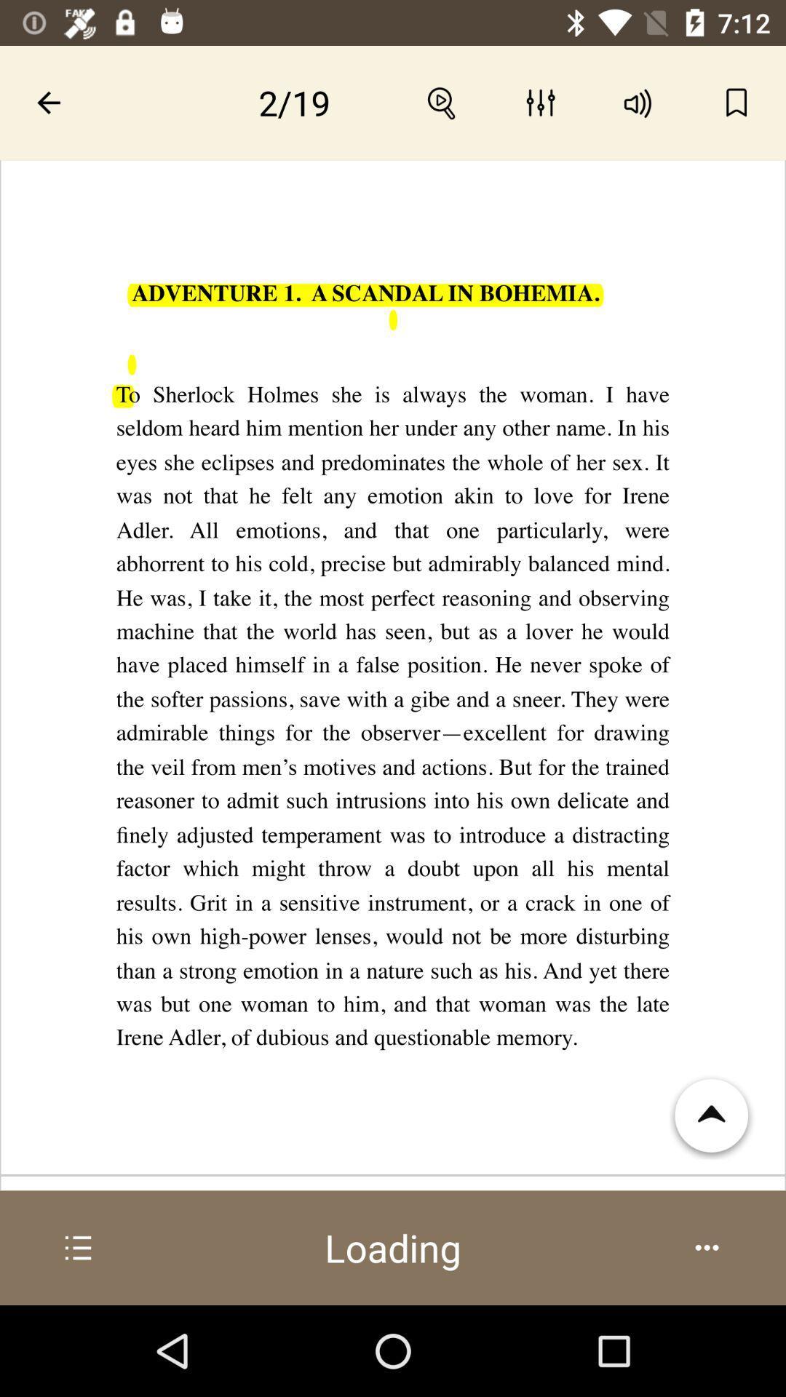 The image size is (786, 1397). What do you see at coordinates (441, 102) in the screenshot?
I see `the icon to the right of 219` at bounding box center [441, 102].